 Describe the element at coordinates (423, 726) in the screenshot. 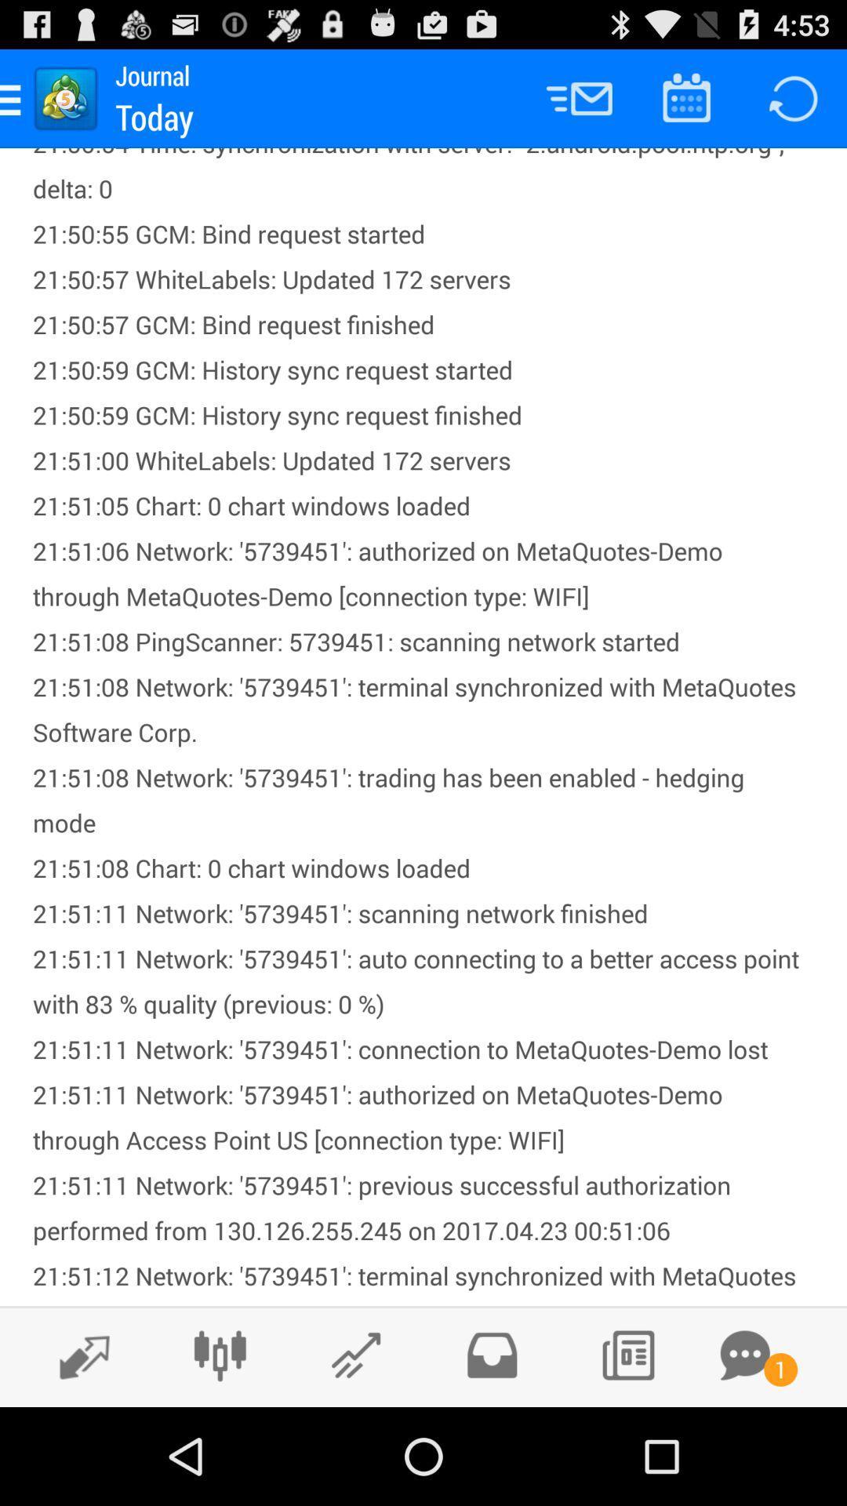

I see `21 50 54` at that location.